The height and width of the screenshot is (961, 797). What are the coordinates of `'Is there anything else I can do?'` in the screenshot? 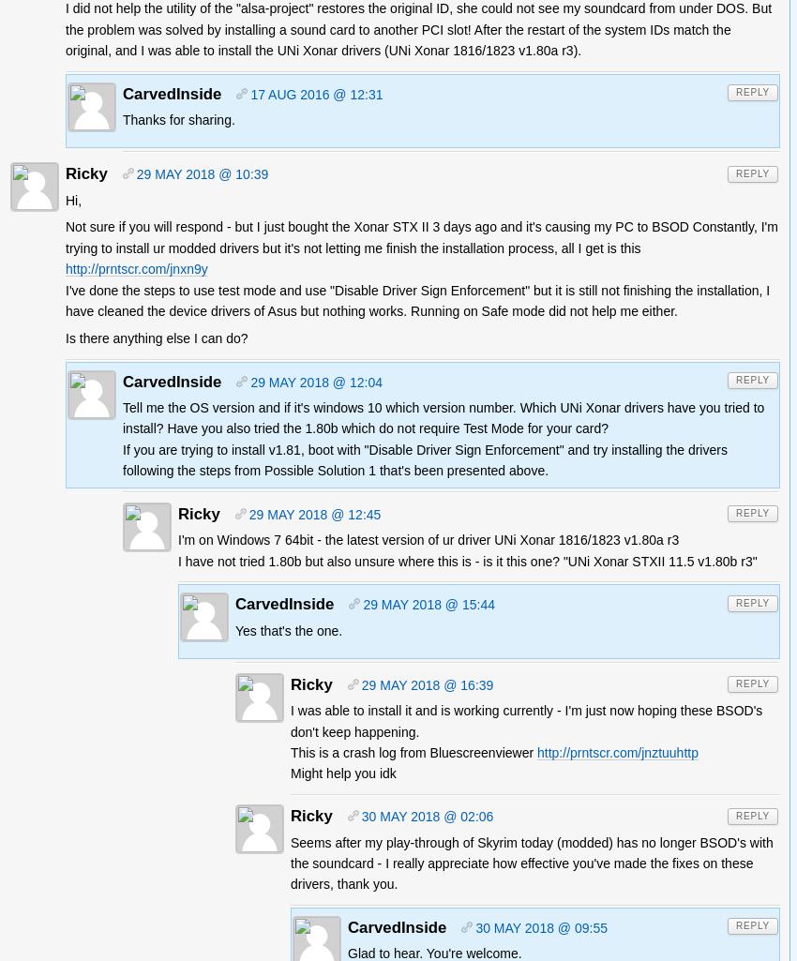 It's located at (66, 336).